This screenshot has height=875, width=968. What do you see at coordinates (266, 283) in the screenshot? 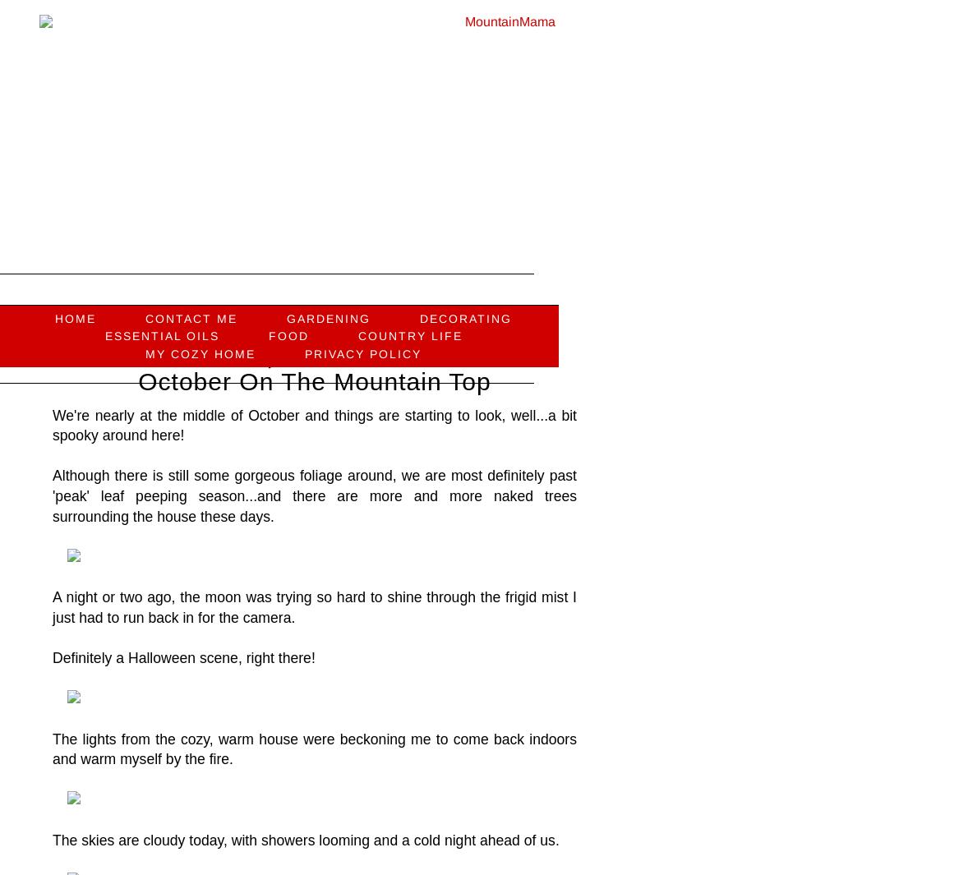
I see `'Pages'` at bounding box center [266, 283].